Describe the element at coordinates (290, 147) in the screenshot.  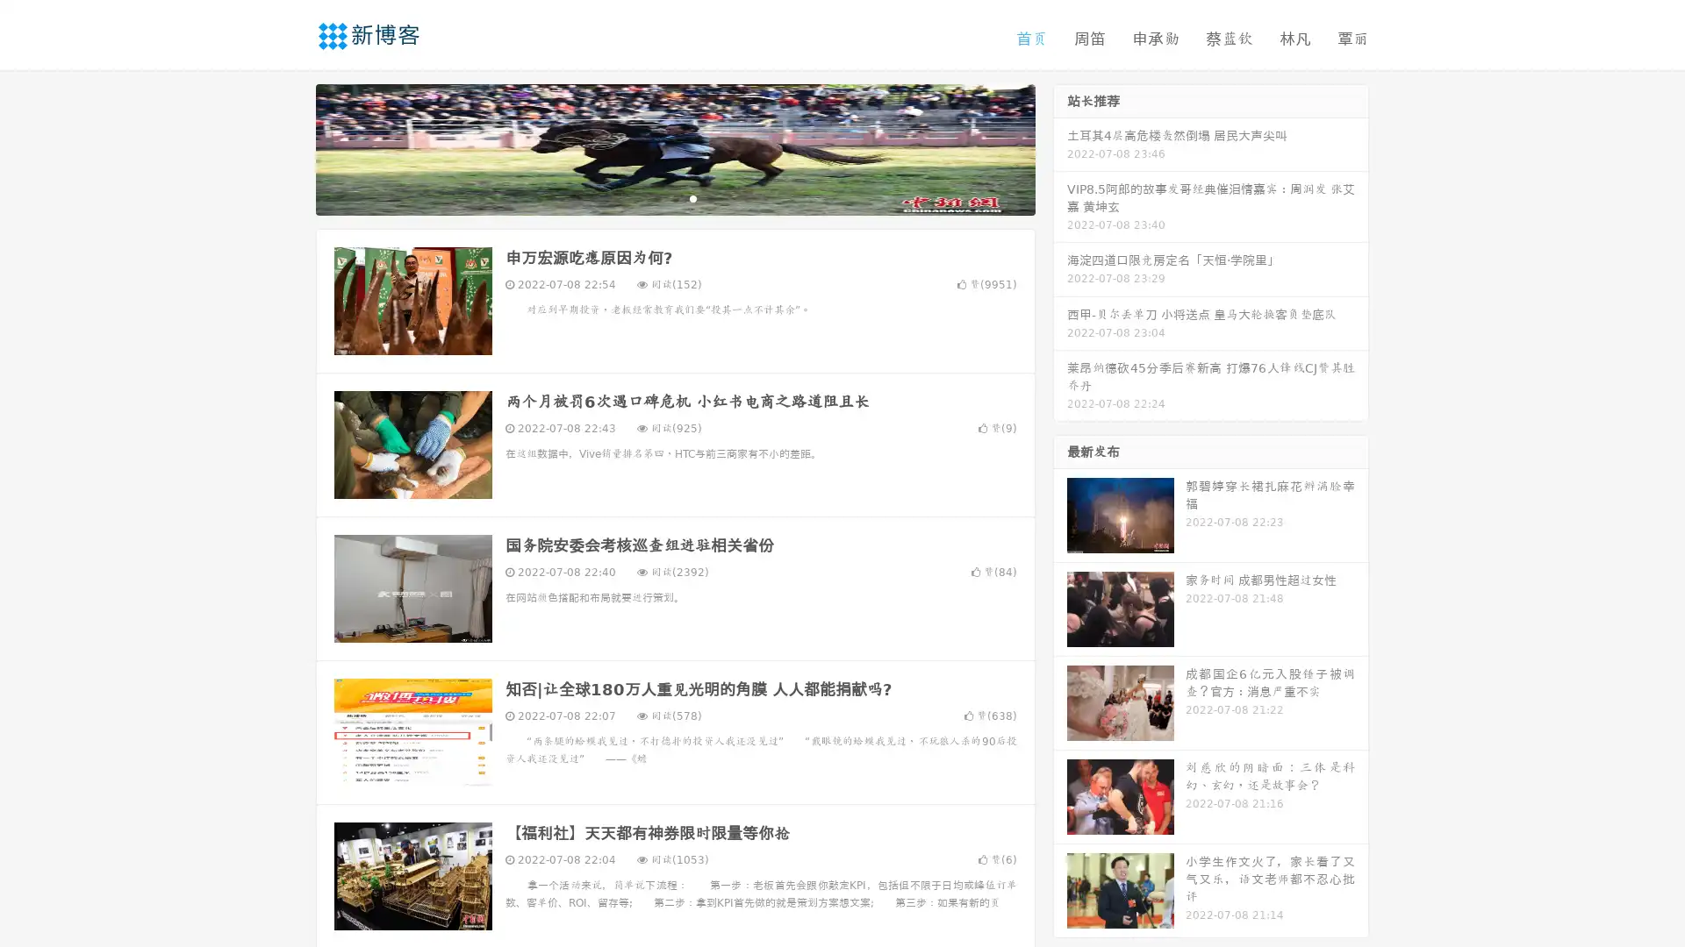
I see `Previous slide` at that location.